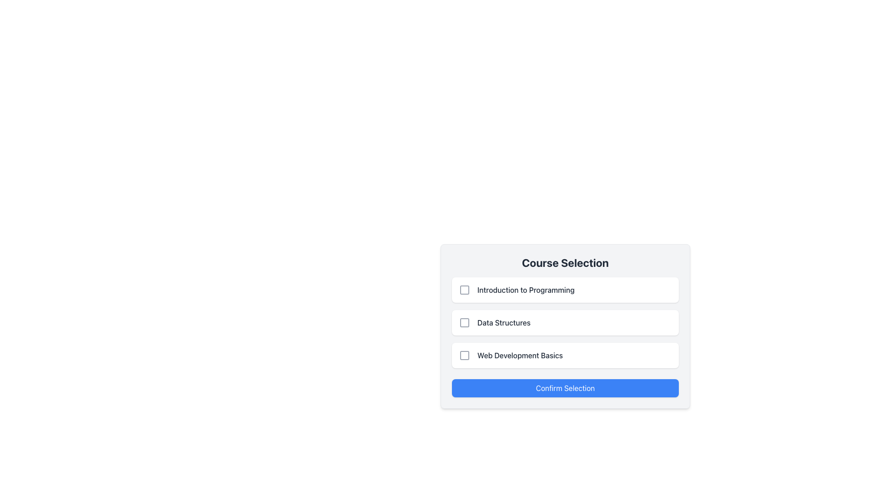  Describe the element at coordinates (465, 322) in the screenshot. I see `the checkbox icon located to the left of the 'Data Structures' text` at that location.